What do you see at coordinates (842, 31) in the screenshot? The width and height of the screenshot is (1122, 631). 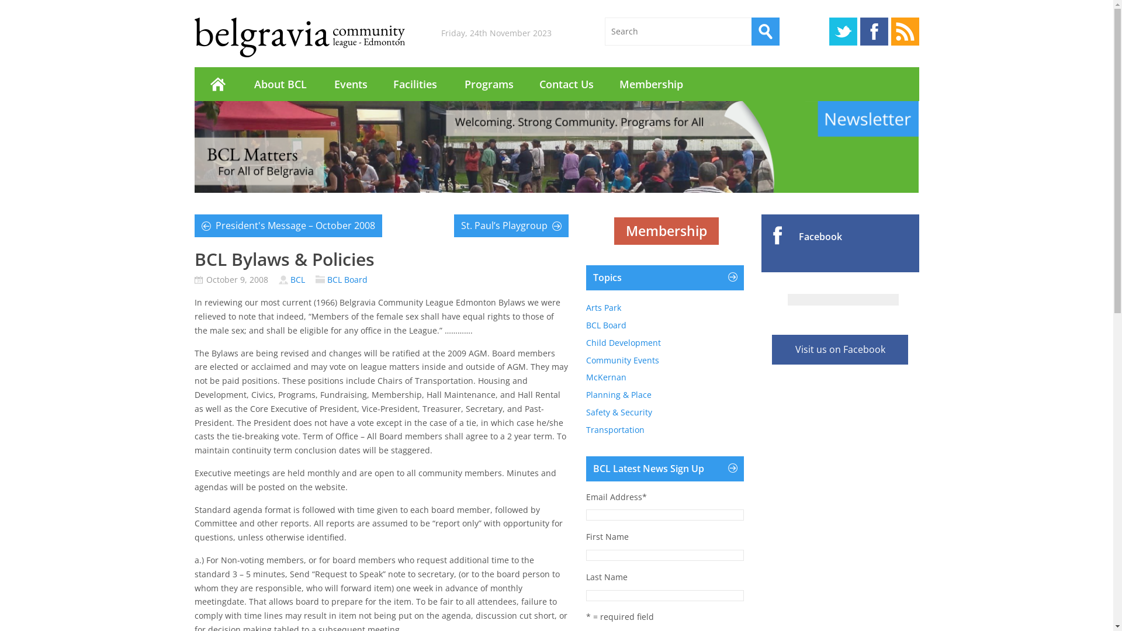 I see `'Twitter'` at bounding box center [842, 31].